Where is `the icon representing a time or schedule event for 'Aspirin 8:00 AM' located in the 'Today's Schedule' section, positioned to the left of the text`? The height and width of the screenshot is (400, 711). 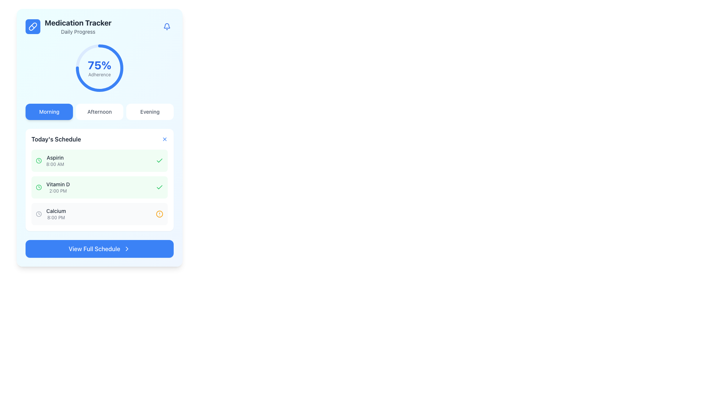
the icon representing a time or schedule event for 'Aspirin 8:00 AM' located in the 'Today's Schedule' section, positioned to the left of the text is located at coordinates (39, 160).